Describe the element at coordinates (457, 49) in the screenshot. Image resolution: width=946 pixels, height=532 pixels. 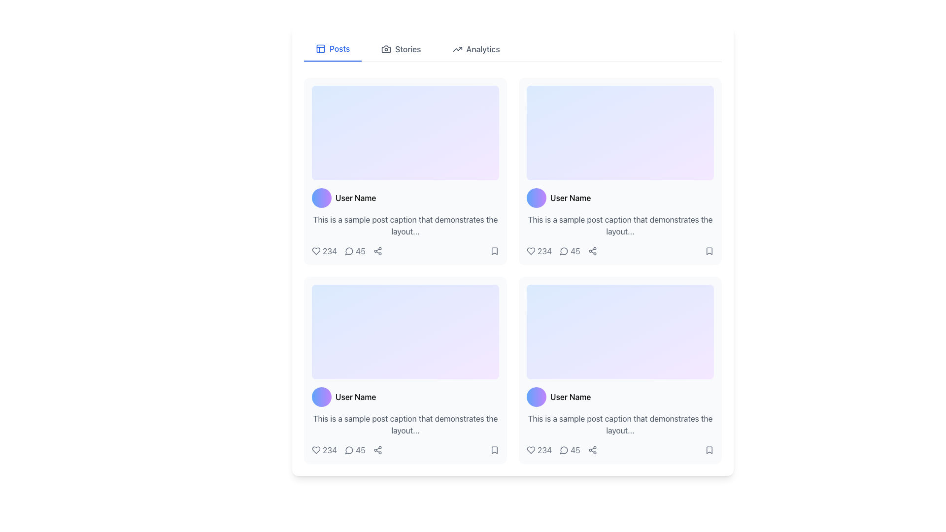
I see `the 'Analytics' icon in the navigation bar, which serves as a visual identifier for the Analytics section` at that location.